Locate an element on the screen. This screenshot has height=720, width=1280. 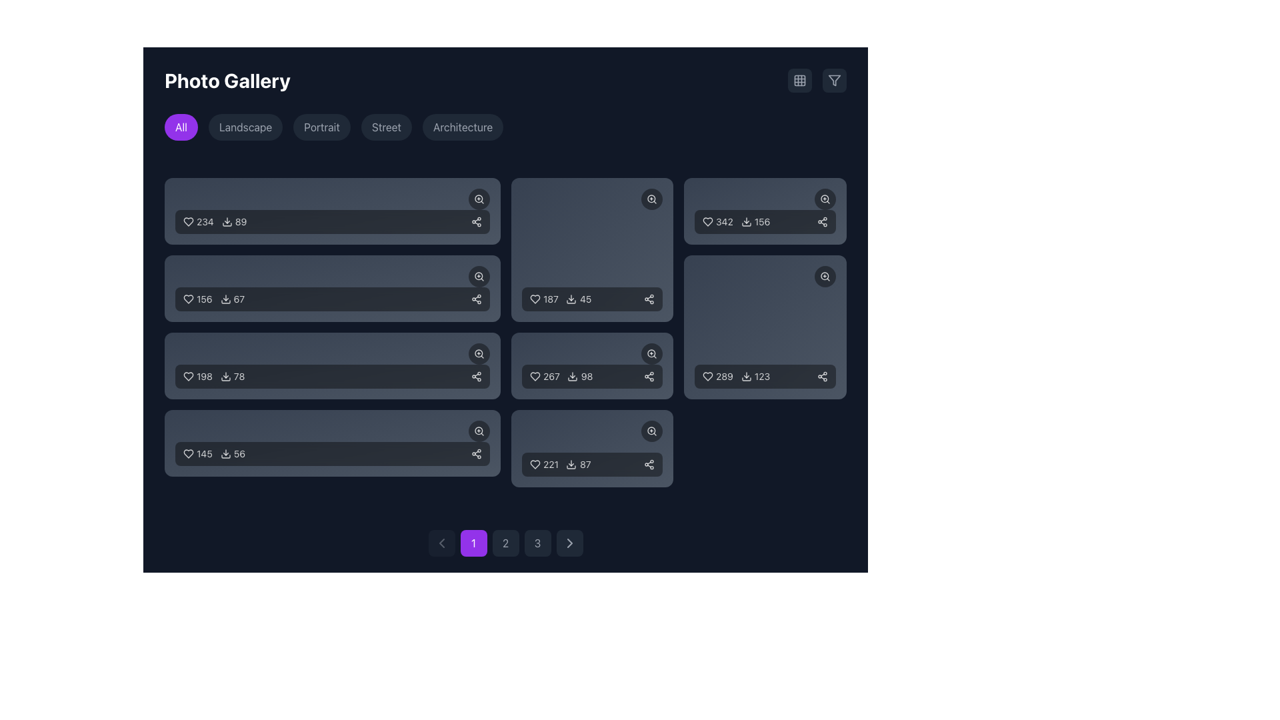
the zoom in button located in the second column and third row of the image tile grid is located at coordinates (652, 199).